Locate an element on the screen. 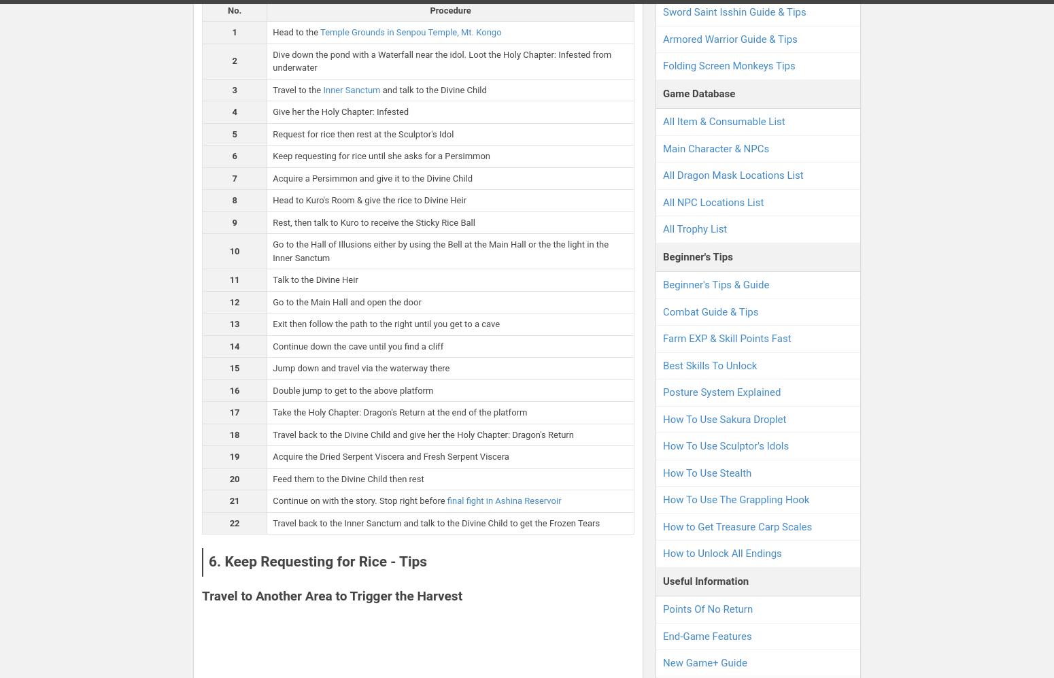 This screenshot has width=1054, height=678. 'Head to the' is located at coordinates (296, 31).